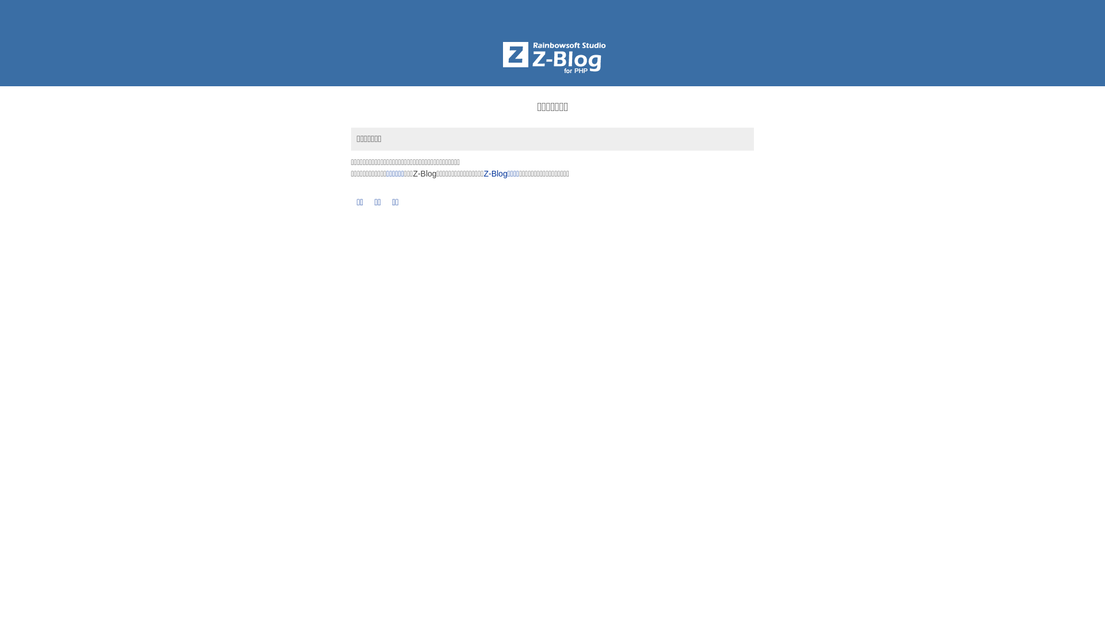 The width and height of the screenshot is (1105, 621). I want to click on 'Z-BlogPHP', so click(552, 55).